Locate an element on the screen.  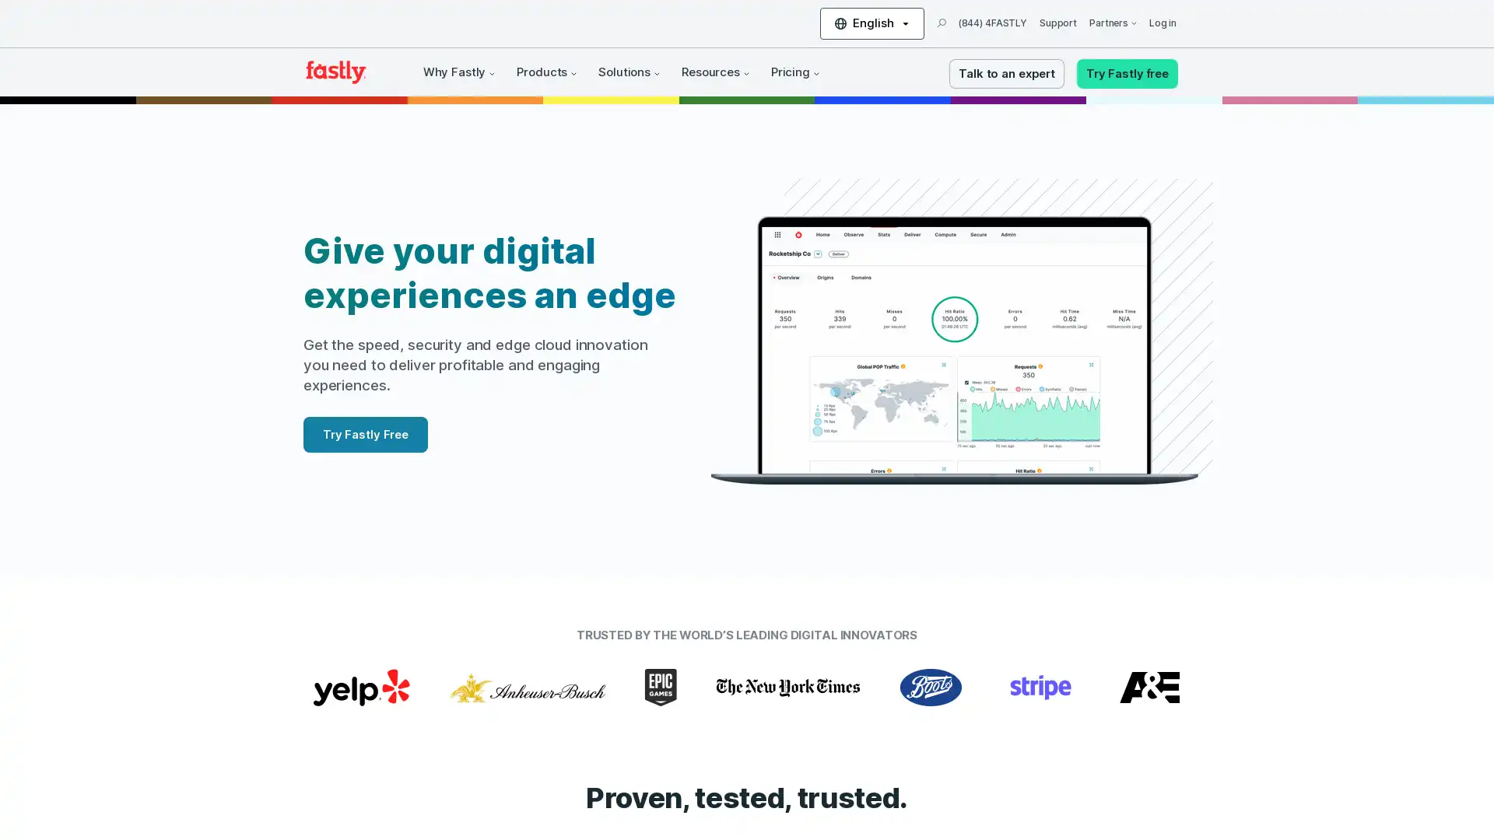
Yes is located at coordinates (158, 740).